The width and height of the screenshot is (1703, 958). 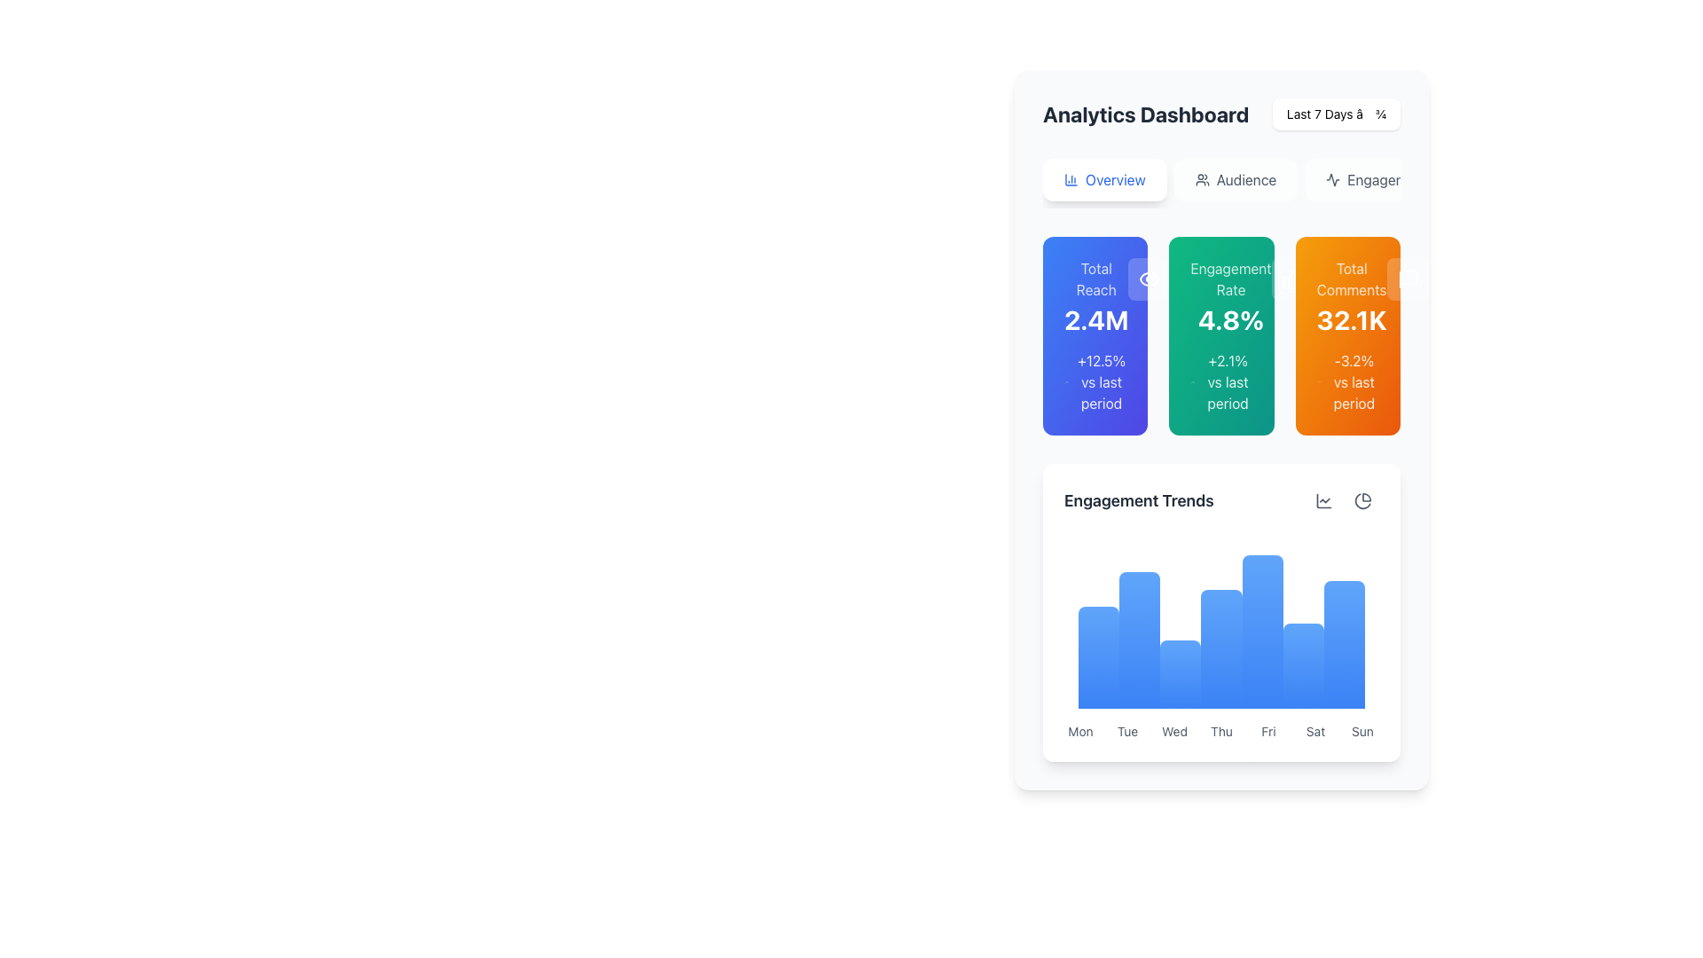 I want to click on the represented data of the bar corresponding to 'Friday' in the Engagement Trends chart, so click(x=1261, y=631).